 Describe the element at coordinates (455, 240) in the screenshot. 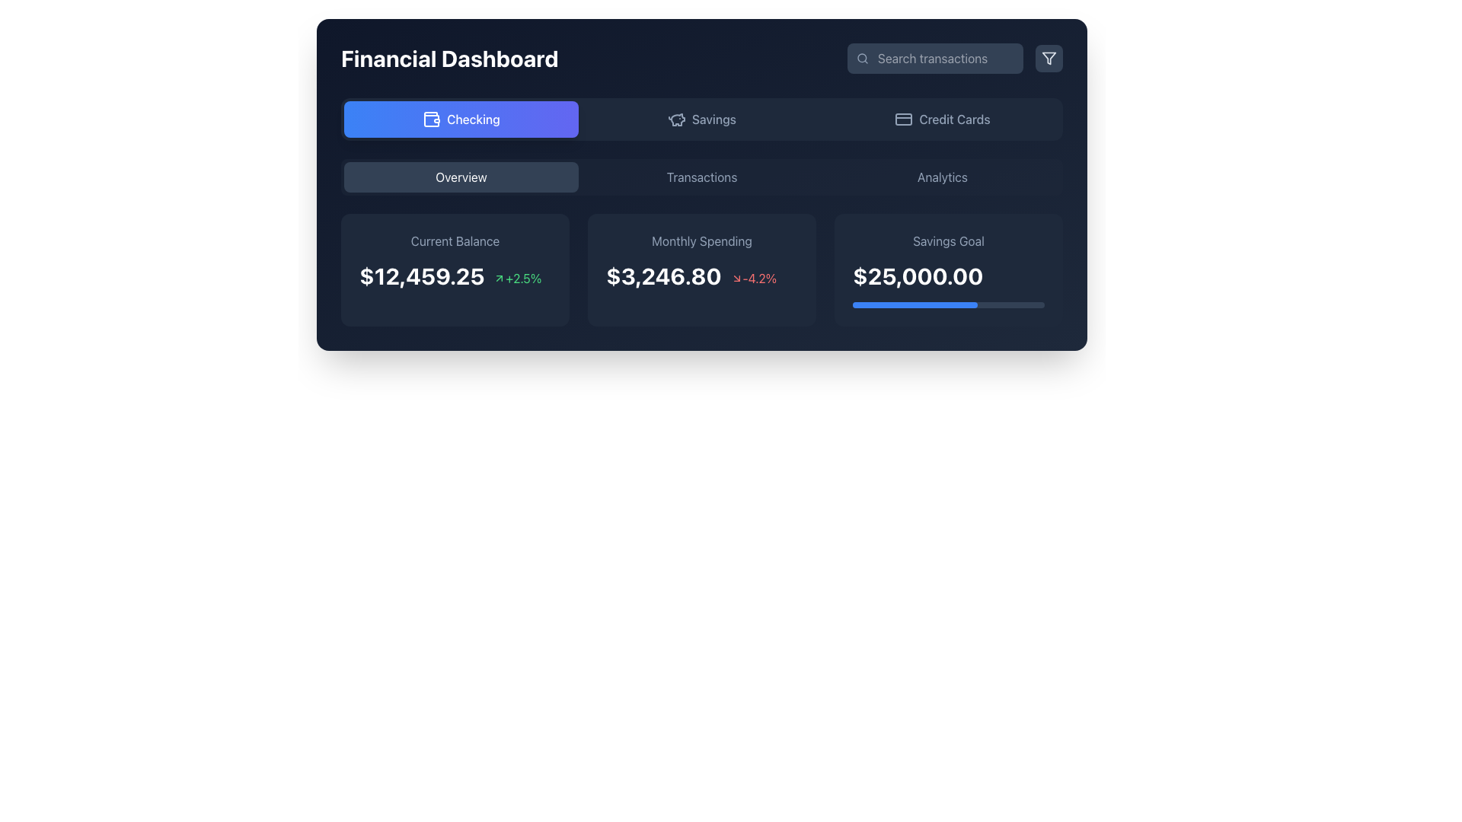

I see `the 'Current Balance' text label, which is a lighter shade subtitle within the 'Checking' tab interface, positioned above the monetary value '$12,459.25'` at that location.